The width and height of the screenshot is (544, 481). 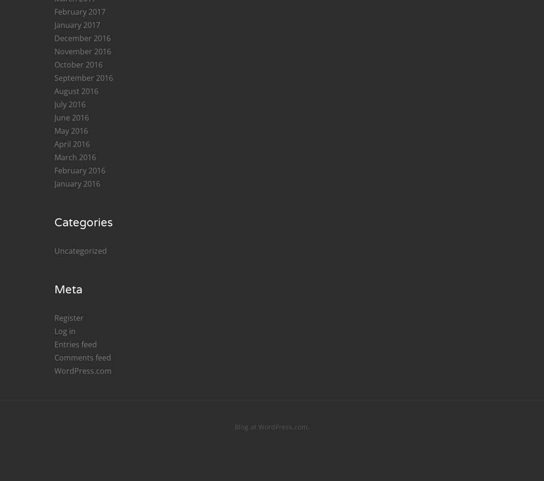 I want to click on 'August 2017', so click(x=76, y=386).